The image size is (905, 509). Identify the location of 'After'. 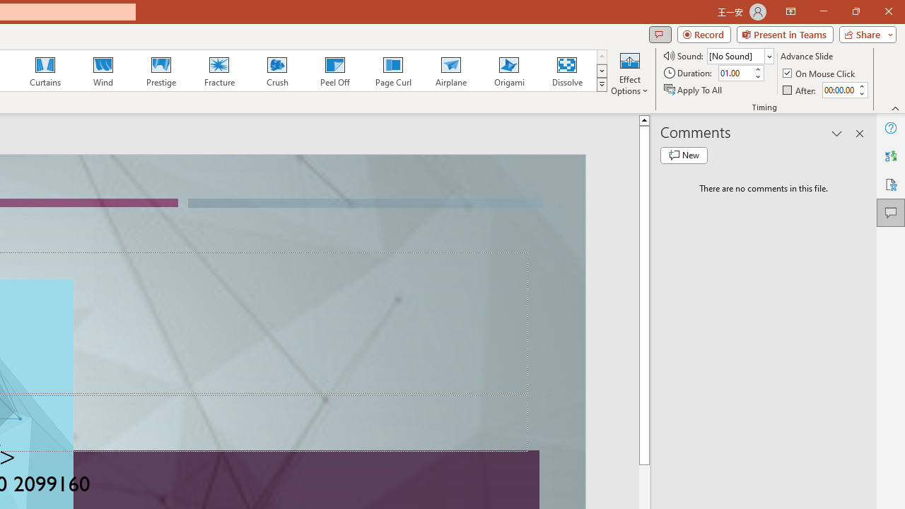
(839, 90).